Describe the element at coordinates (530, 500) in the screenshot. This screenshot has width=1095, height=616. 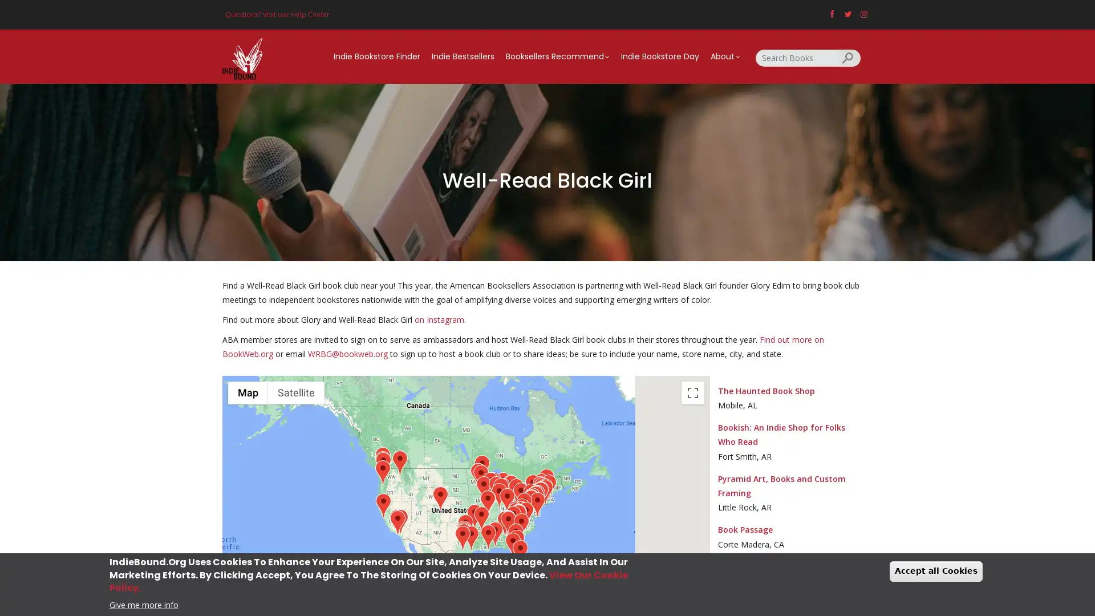
I see `Solid State Books` at that location.